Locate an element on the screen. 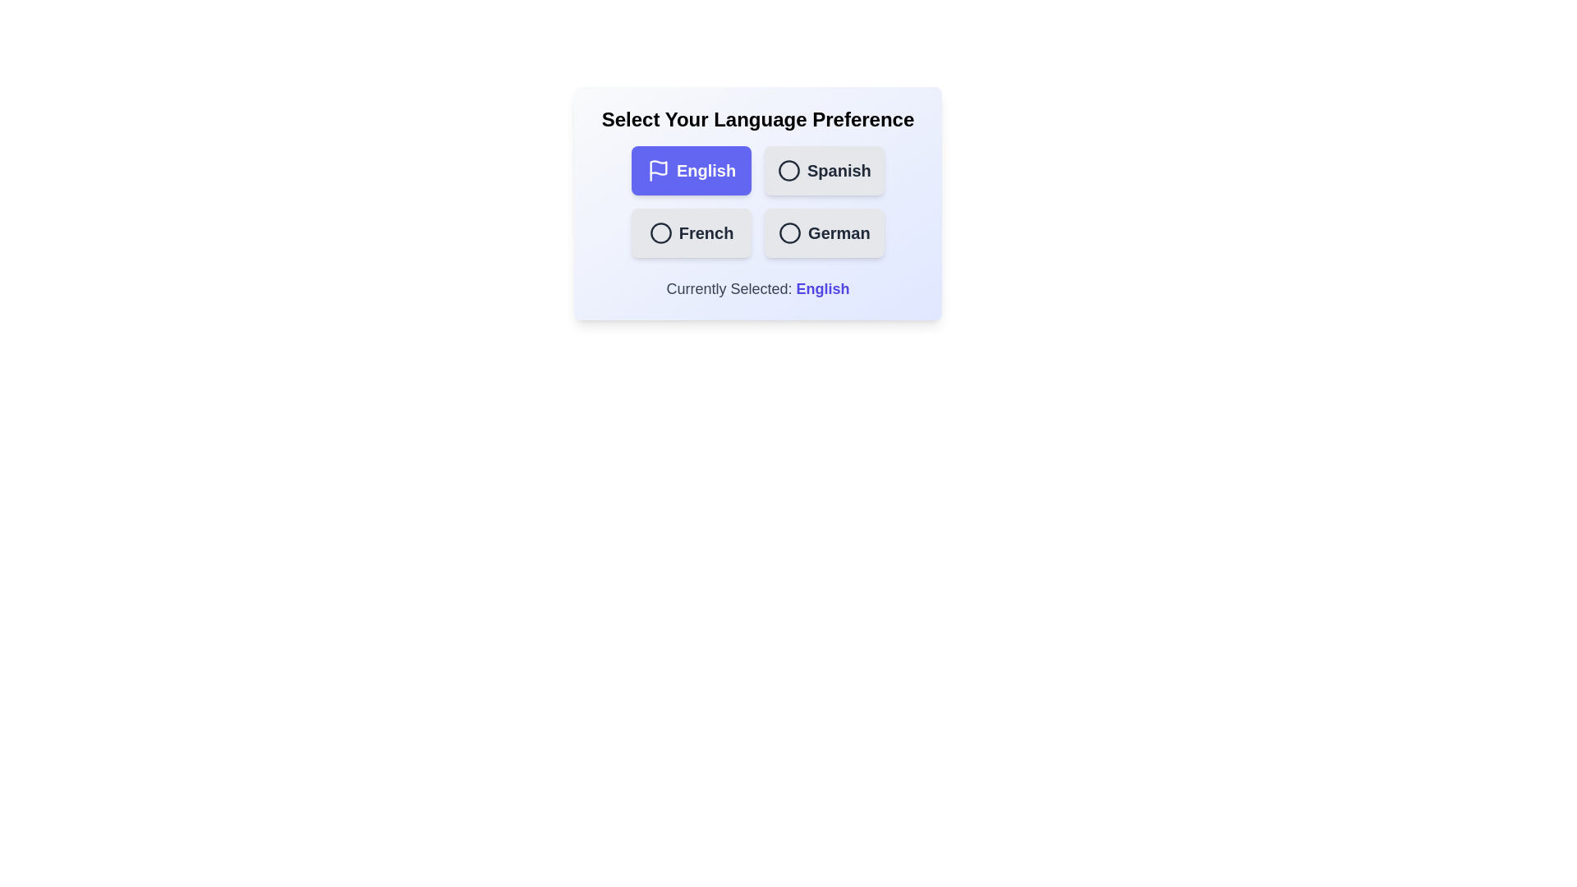 The height and width of the screenshot is (887, 1577). the language Spanish by clicking on its button is located at coordinates (824, 171).